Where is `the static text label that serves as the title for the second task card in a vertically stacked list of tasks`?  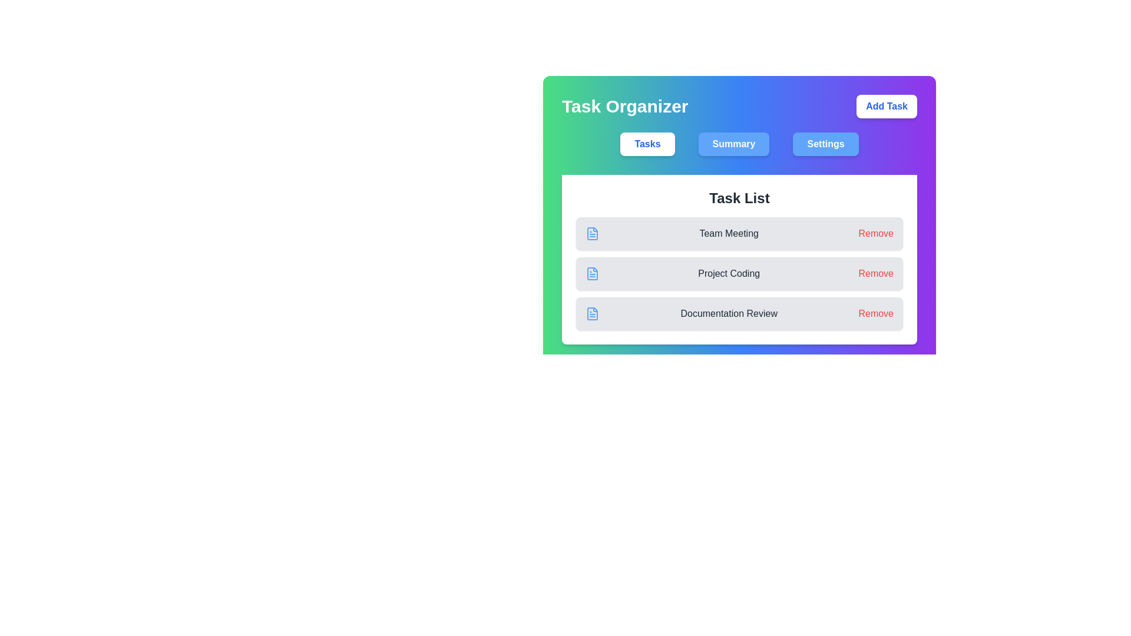
the static text label that serves as the title for the second task card in a vertically stacked list of tasks is located at coordinates (728, 274).